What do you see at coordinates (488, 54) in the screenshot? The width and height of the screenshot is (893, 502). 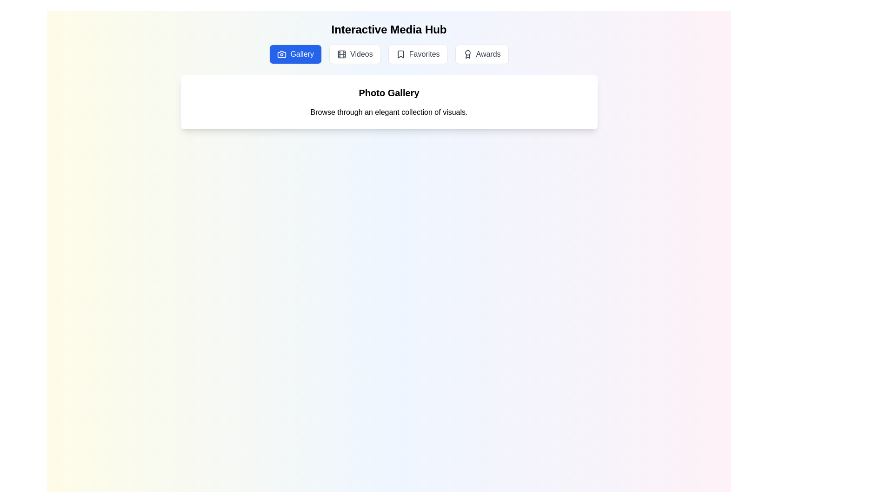 I see `the text label that displays the word 'Awards', which is located in the fourth position from the left on the main navigation bar, adjacent to an award ribbon icon` at bounding box center [488, 54].